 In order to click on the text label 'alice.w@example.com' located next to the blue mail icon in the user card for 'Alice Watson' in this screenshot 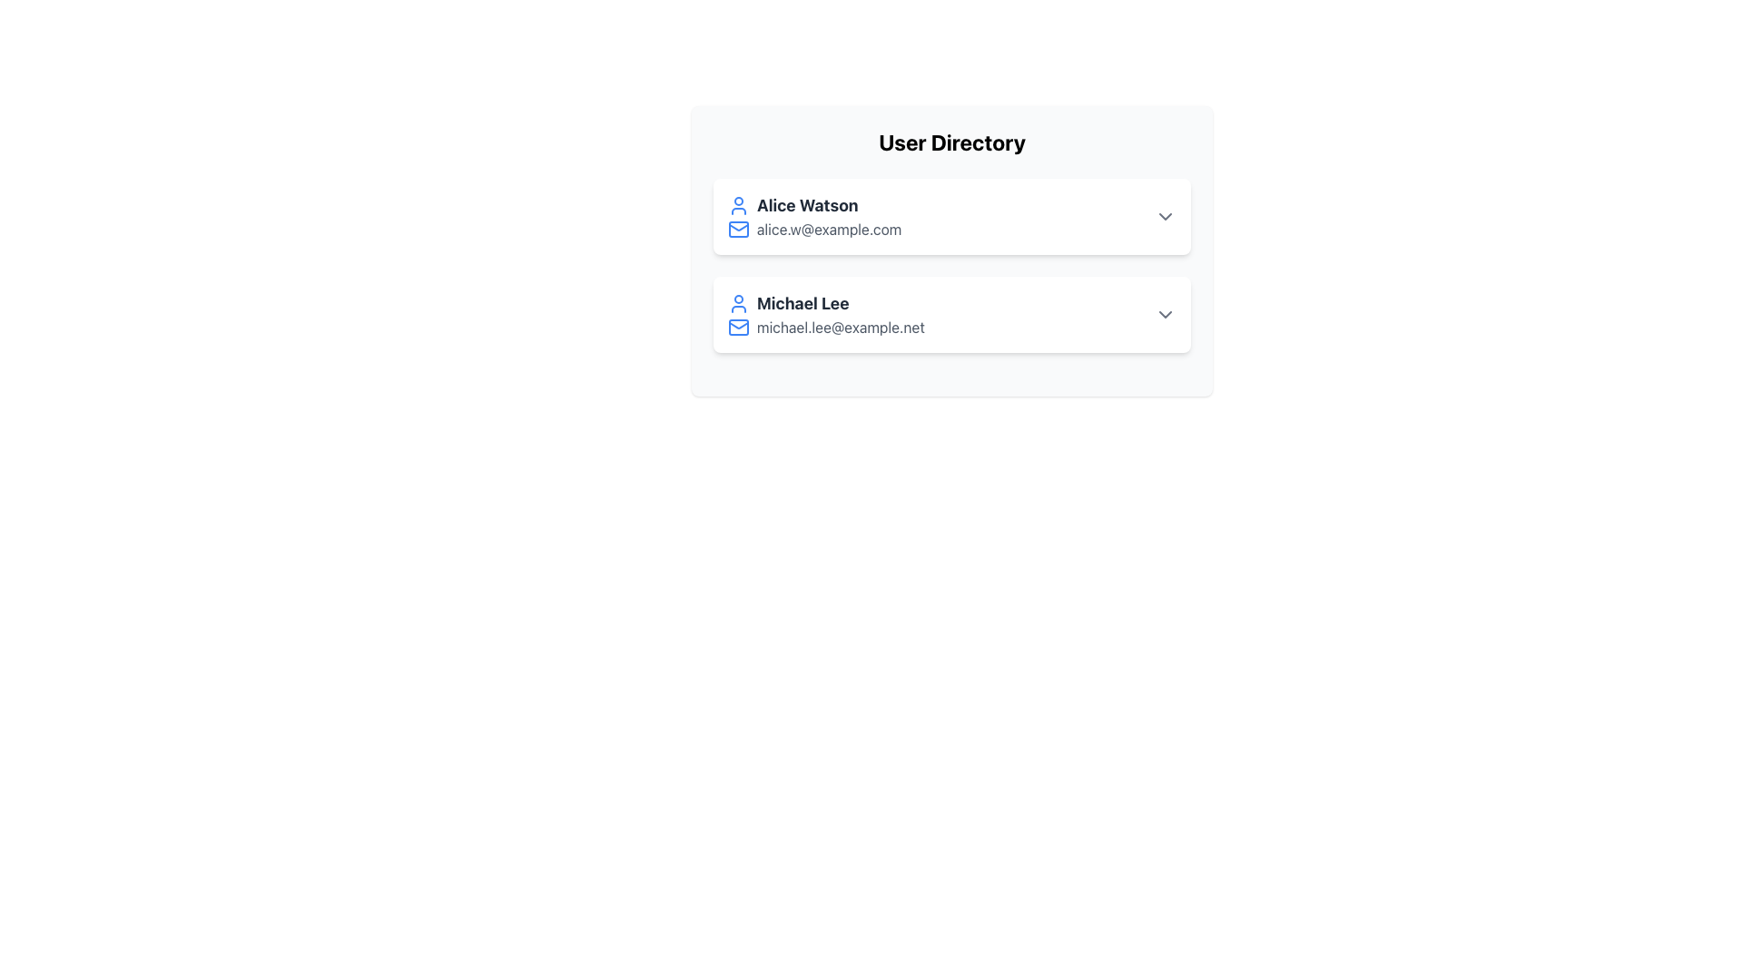, I will do `click(813, 229)`.